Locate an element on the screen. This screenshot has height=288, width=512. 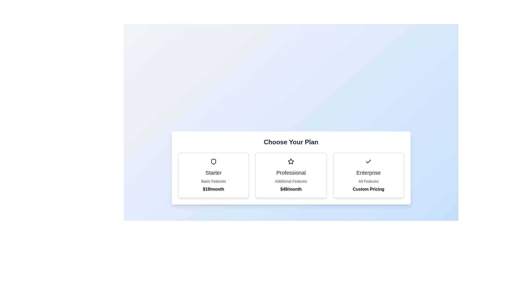
the star icon located within the 'Professional' pricing card, which features thin, symmetrical lines forming a star shape and is styled with a minimalistic theme is located at coordinates (291, 161).